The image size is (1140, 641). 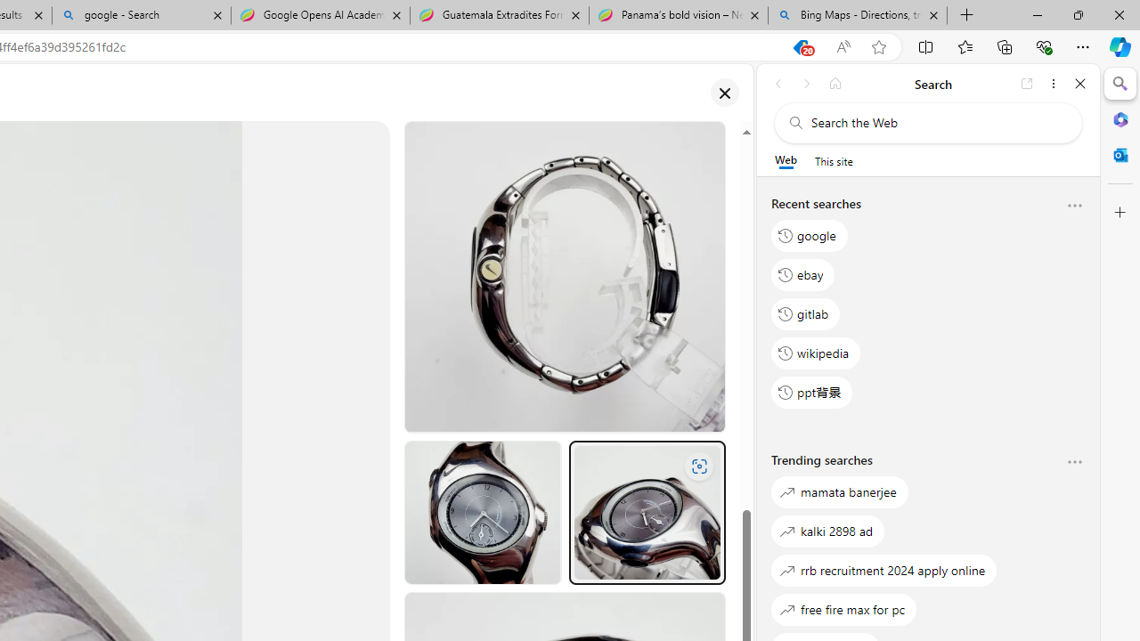 What do you see at coordinates (809, 234) in the screenshot?
I see `'google'` at bounding box center [809, 234].